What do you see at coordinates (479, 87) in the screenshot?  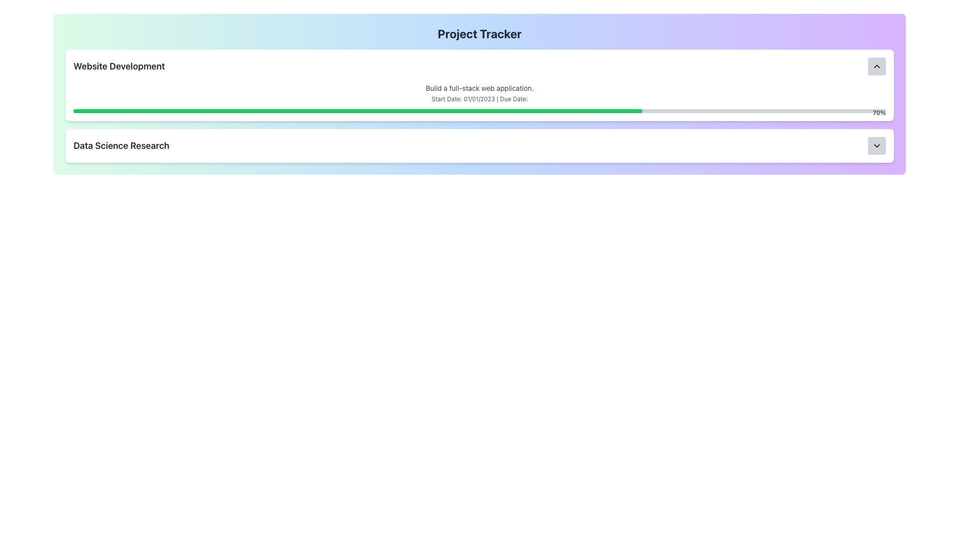 I see `the Text label that serves as a title or brief description for a specific task or project item, positioned above the line 'Start Date: 01/01/2023 | Due Date:'` at bounding box center [479, 87].